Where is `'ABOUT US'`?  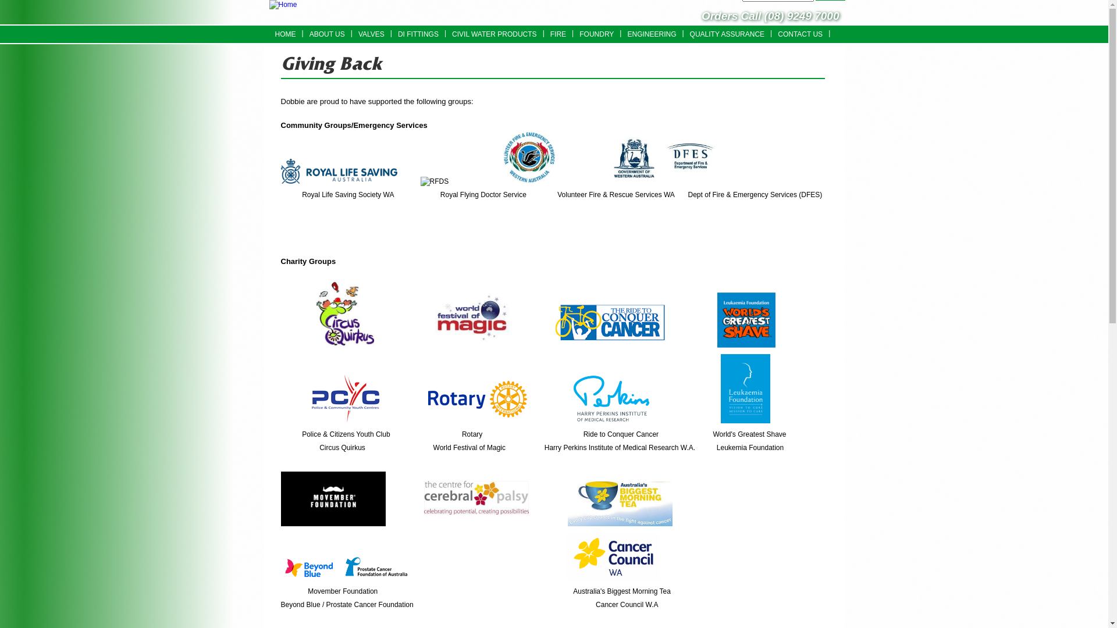 'ABOUT US' is located at coordinates (326, 34).